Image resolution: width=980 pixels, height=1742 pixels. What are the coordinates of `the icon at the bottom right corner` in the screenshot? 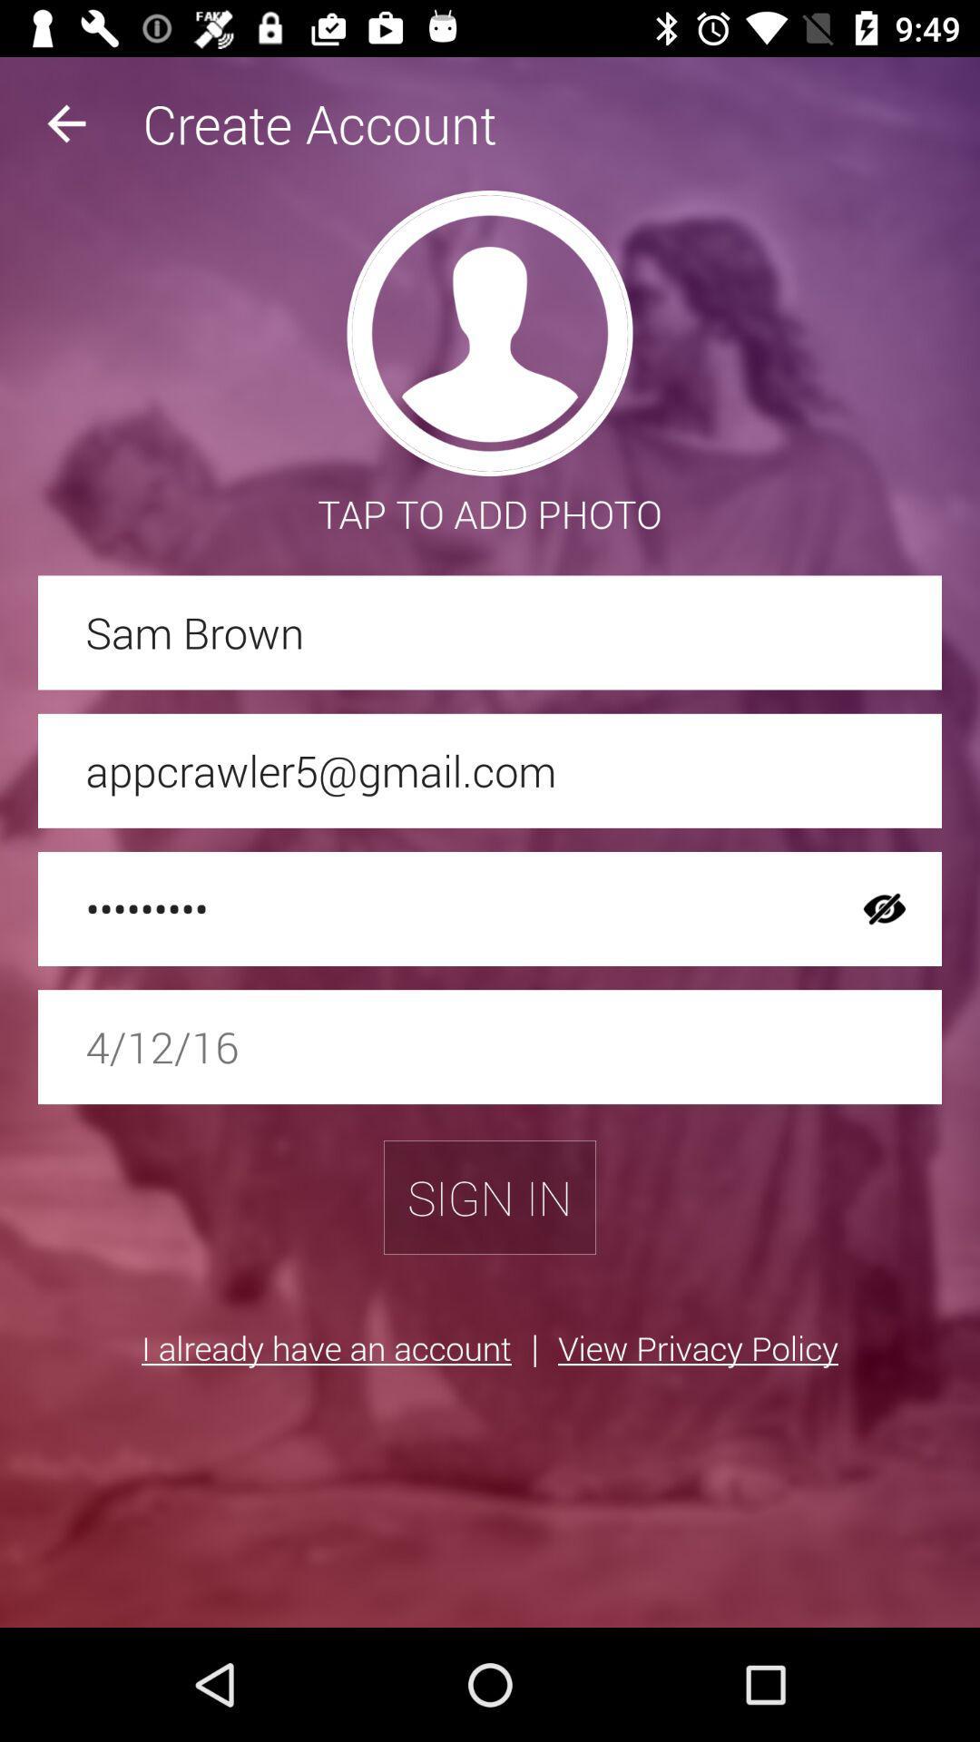 It's located at (697, 1347).